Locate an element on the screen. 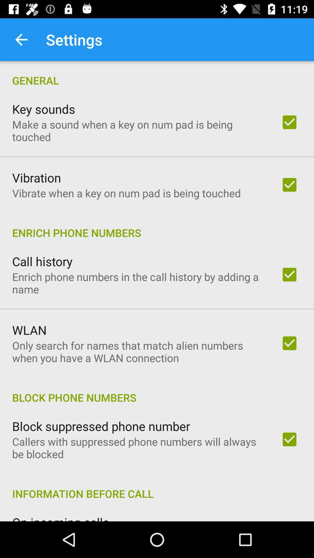 The image size is (314, 558). item above key sounds item is located at coordinates (157, 74).